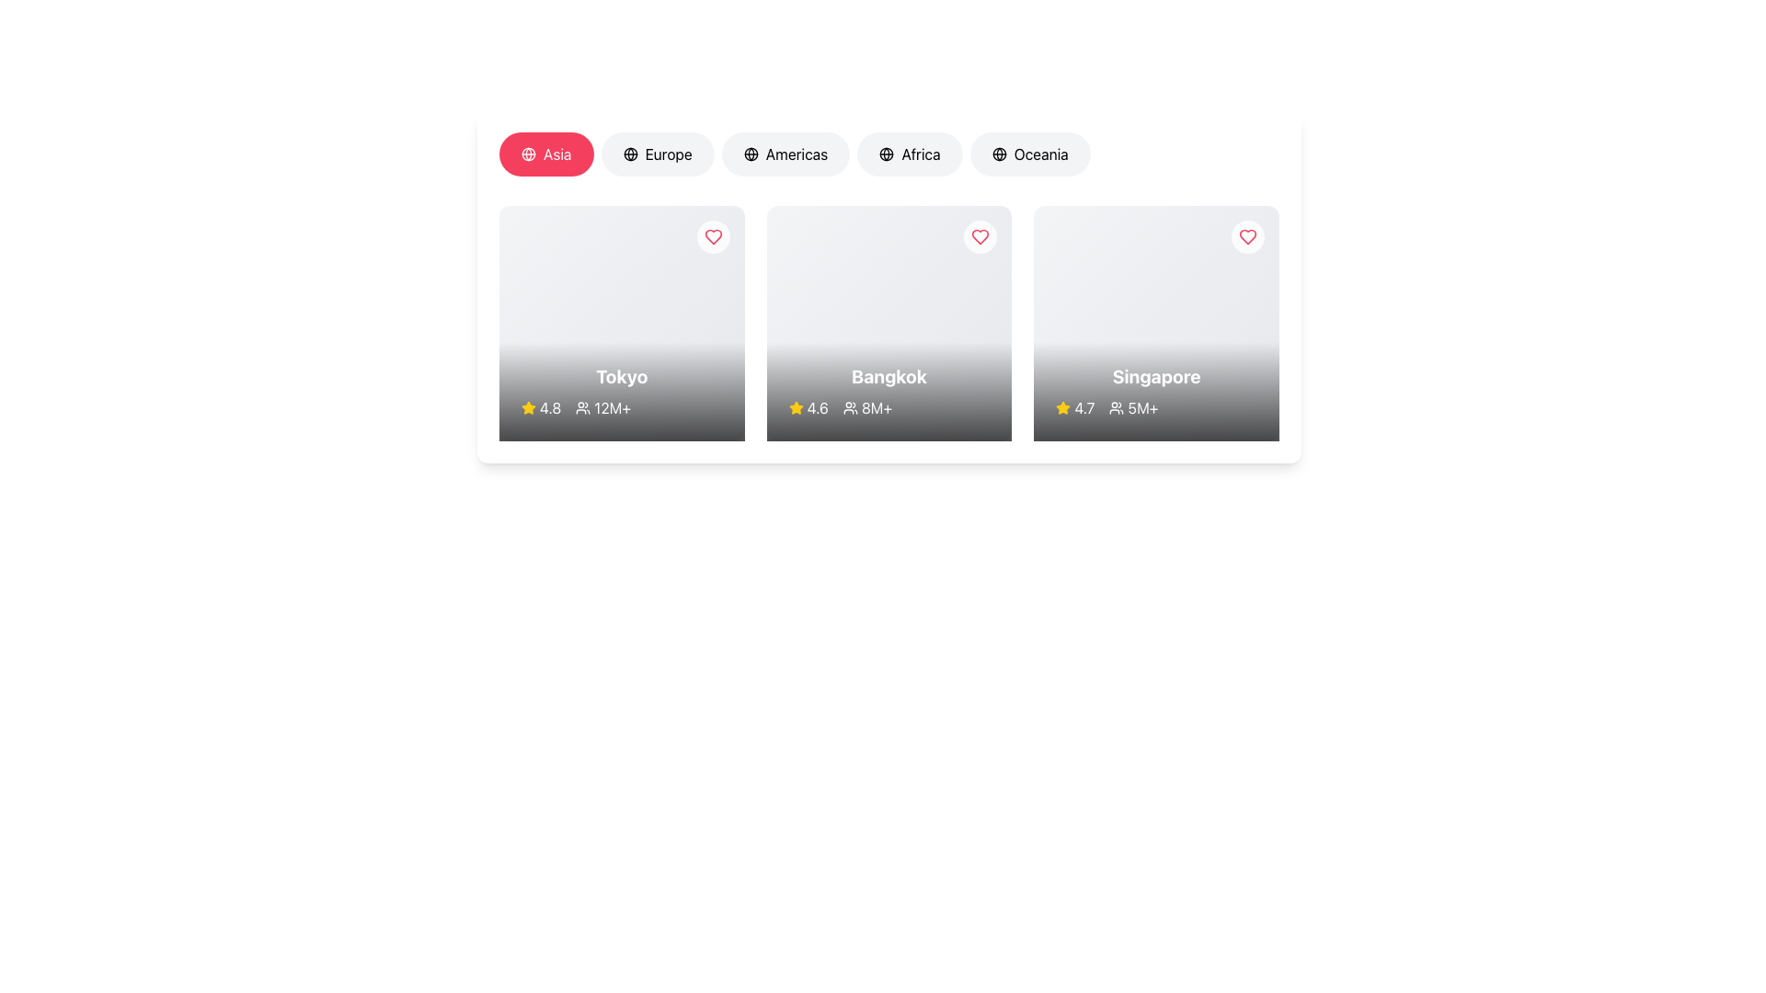 The image size is (1766, 993). Describe the element at coordinates (630, 154) in the screenshot. I see `the Decorative Circle (SVG) located within the globe icon of the 'Asia' region button group, positioned in the top-left area of the interface` at that location.